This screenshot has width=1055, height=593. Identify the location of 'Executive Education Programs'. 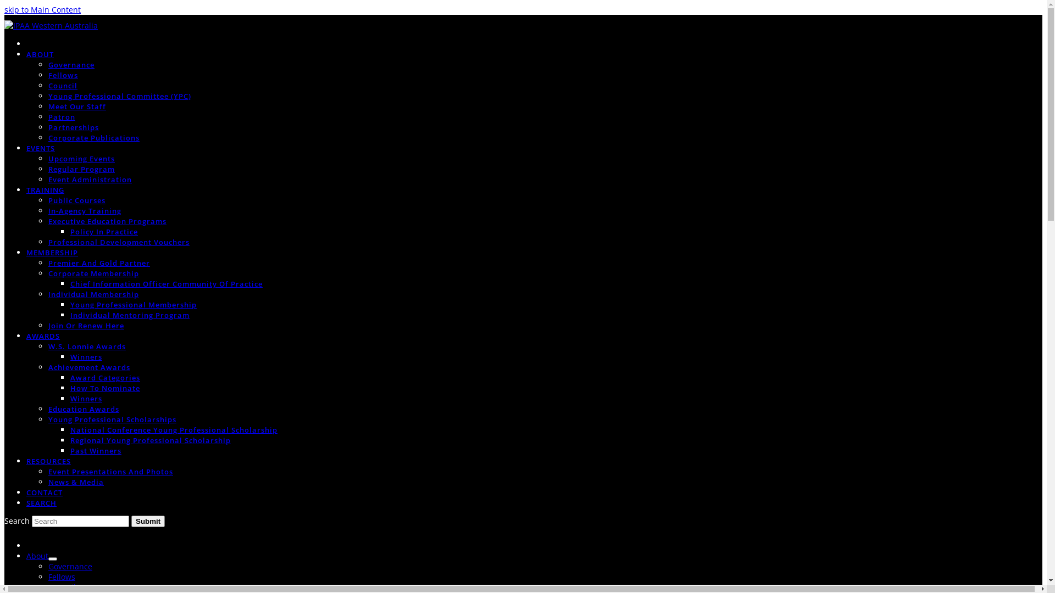
(107, 221).